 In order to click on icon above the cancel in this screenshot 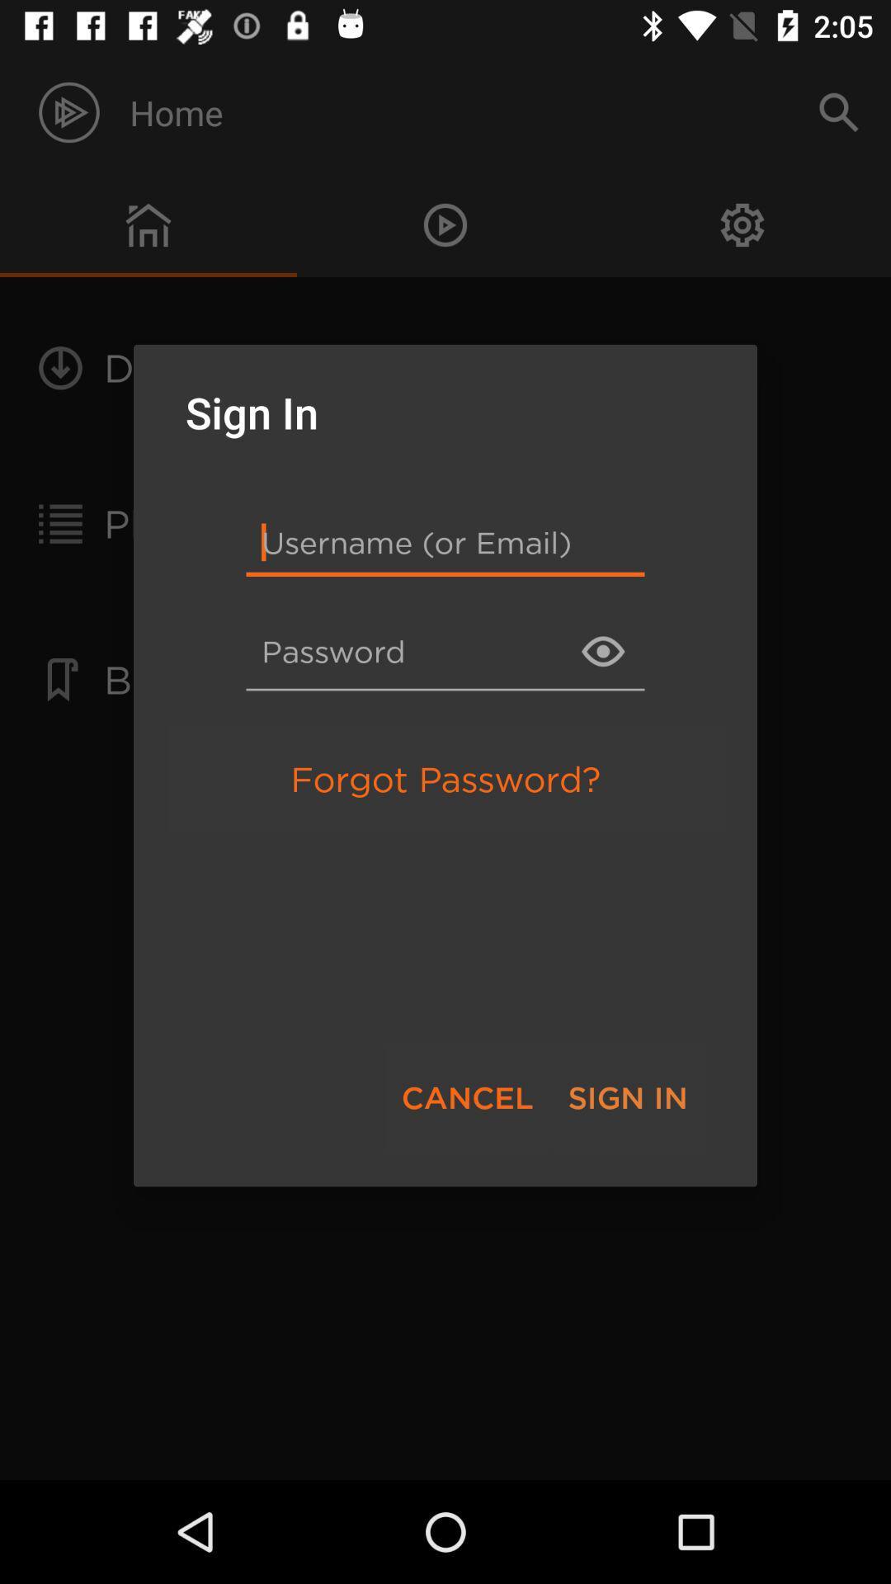, I will do `click(445, 778)`.